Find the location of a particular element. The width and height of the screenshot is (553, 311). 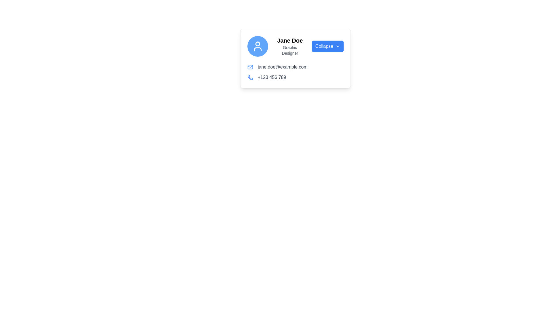

the icon that represents the phone number located to the left of the phone number '+123 456 789' in the contact details section of the user profile card is located at coordinates (250, 77).